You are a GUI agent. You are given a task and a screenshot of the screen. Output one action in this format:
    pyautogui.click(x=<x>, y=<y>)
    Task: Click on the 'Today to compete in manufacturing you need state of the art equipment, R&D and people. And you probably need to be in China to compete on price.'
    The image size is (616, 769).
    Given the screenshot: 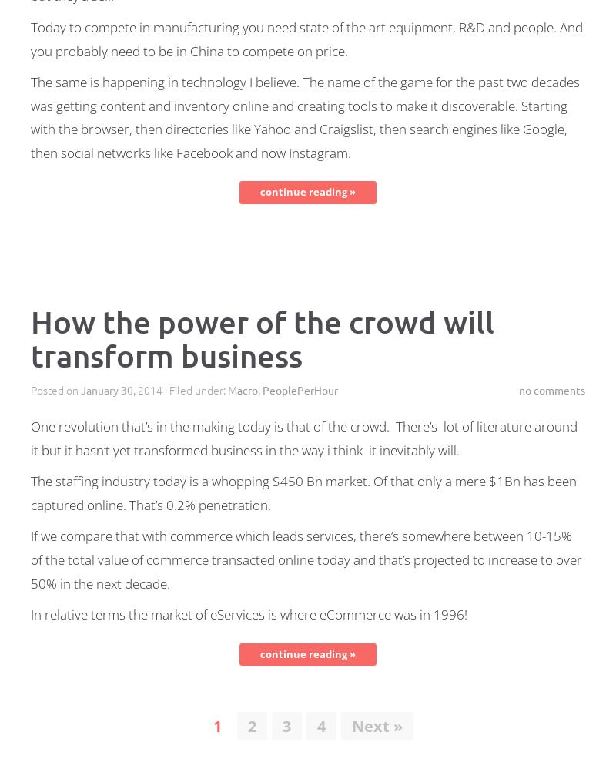 What is the action you would take?
    pyautogui.click(x=30, y=38)
    